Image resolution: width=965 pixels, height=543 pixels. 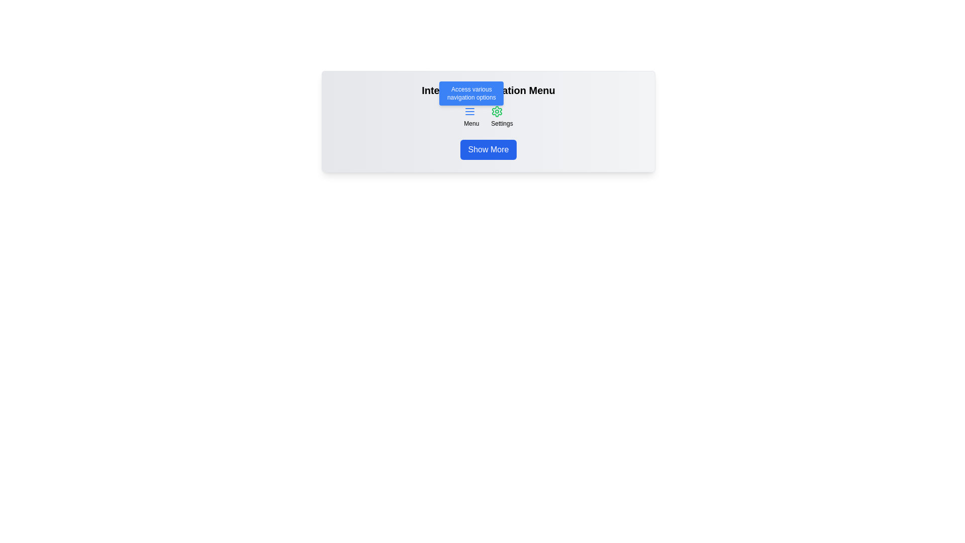 What do you see at coordinates (497, 112) in the screenshot?
I see `the 'Settings' icon located slightly to the right of the central part of the interface, positioned above the text labeled 'Settings.'` at bounding box center [497, 112].